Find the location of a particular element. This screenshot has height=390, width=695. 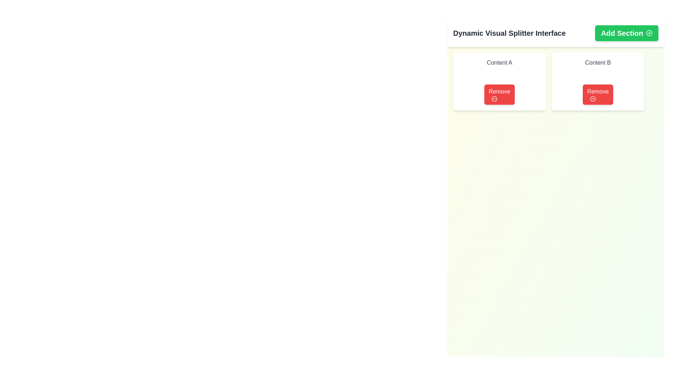

the text label located at the top-center of the second card, which provides context or identification for the associated card, directly above the 'Remove' button is located at coordinates (598, 62).